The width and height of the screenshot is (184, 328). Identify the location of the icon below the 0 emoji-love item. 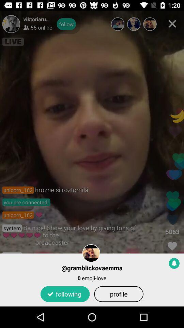
(118, 293).